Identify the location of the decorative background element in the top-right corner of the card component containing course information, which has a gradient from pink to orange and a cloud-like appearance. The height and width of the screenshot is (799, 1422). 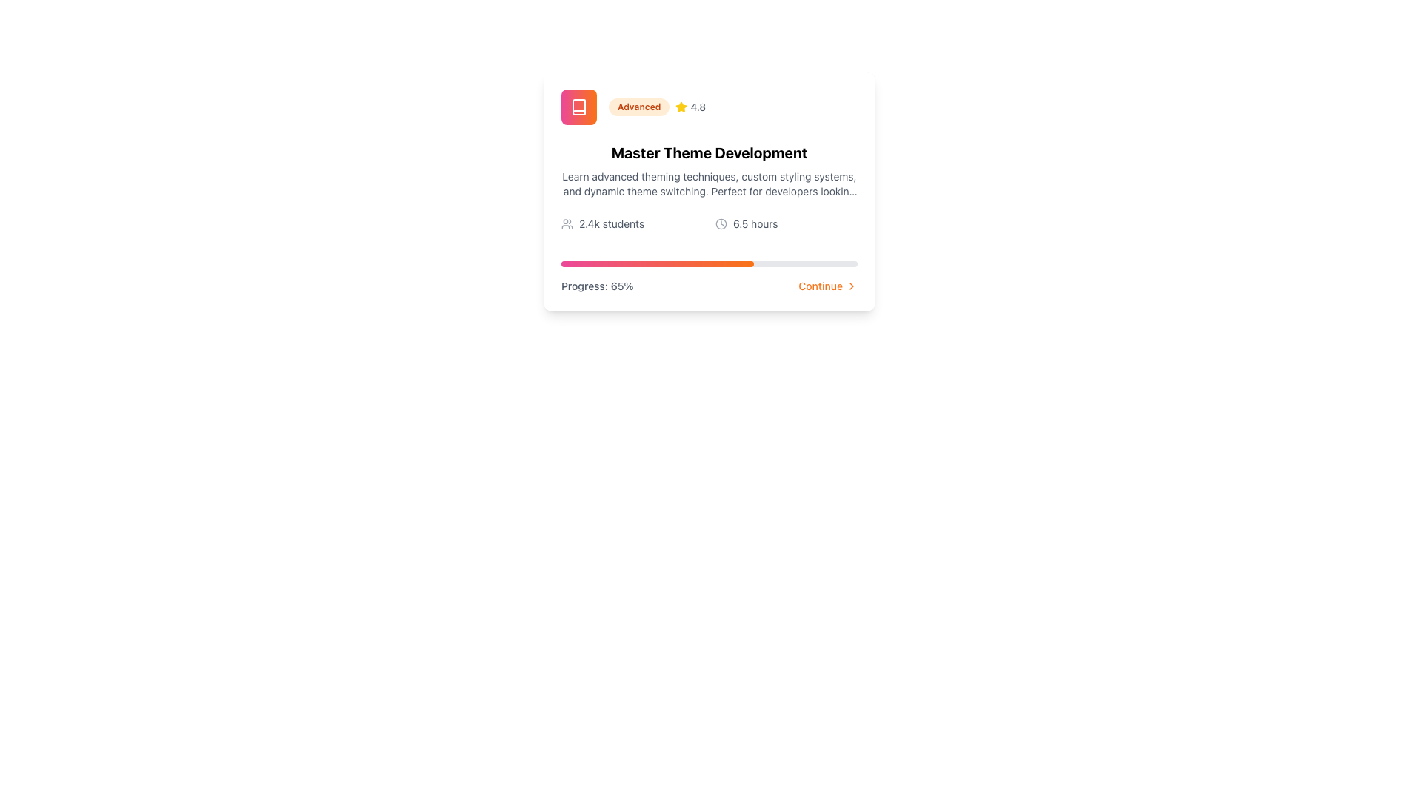
(827, 118).